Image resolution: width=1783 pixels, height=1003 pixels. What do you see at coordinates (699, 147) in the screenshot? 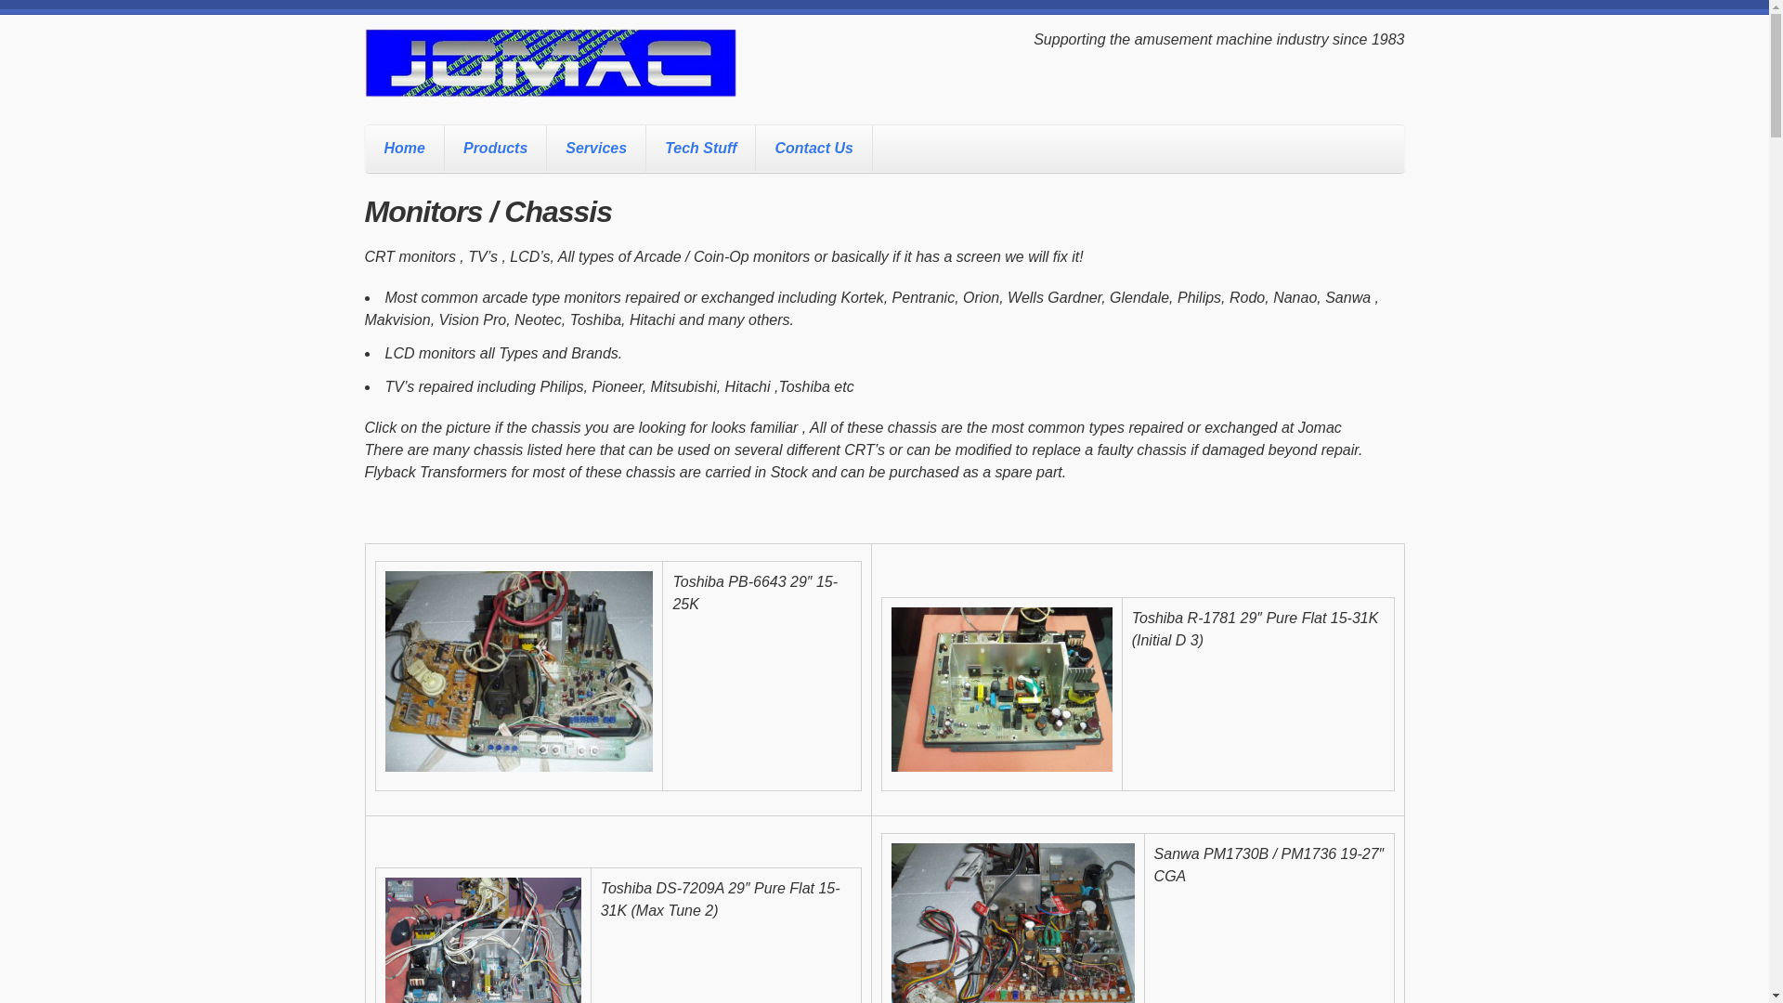
I see `'Tech Stuff'` at bounding box center [699, 147].